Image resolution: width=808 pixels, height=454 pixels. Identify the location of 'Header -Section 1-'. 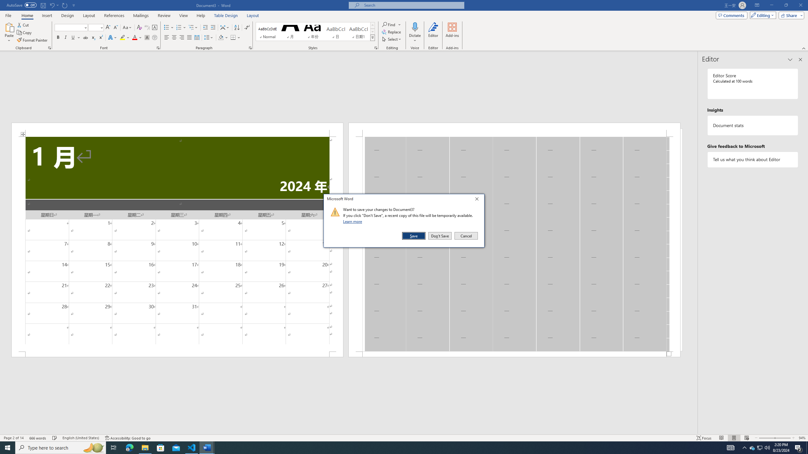
(514, 129).